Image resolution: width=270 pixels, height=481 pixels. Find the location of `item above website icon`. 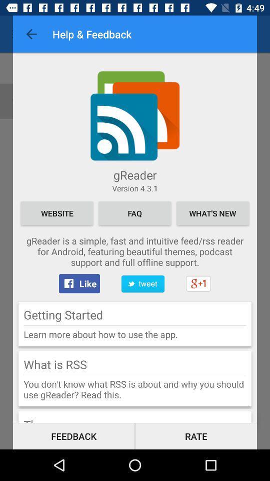

item above website icon is located at coordinates (135, 187).